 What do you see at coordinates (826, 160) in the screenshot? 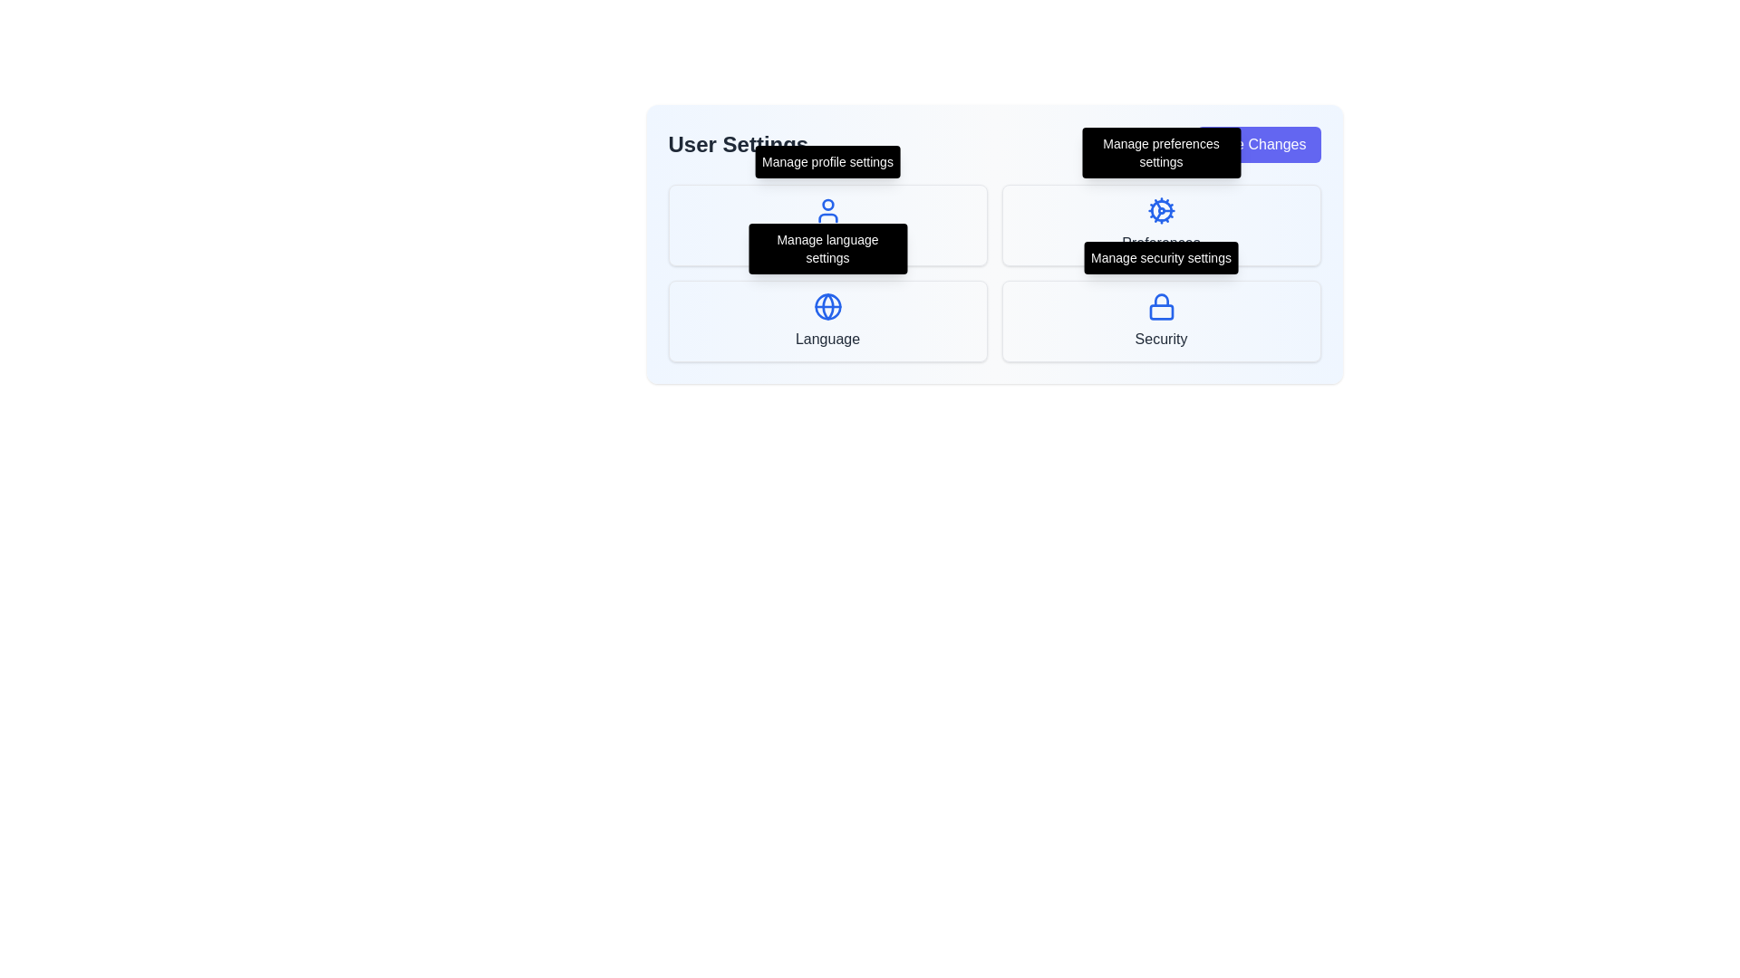
I see `the tooltip label displaying 'Manage profile settings', which is centrally aligned above the 'User Settings' label and features a black background with rounded edges` at bounding box center [826, 160].